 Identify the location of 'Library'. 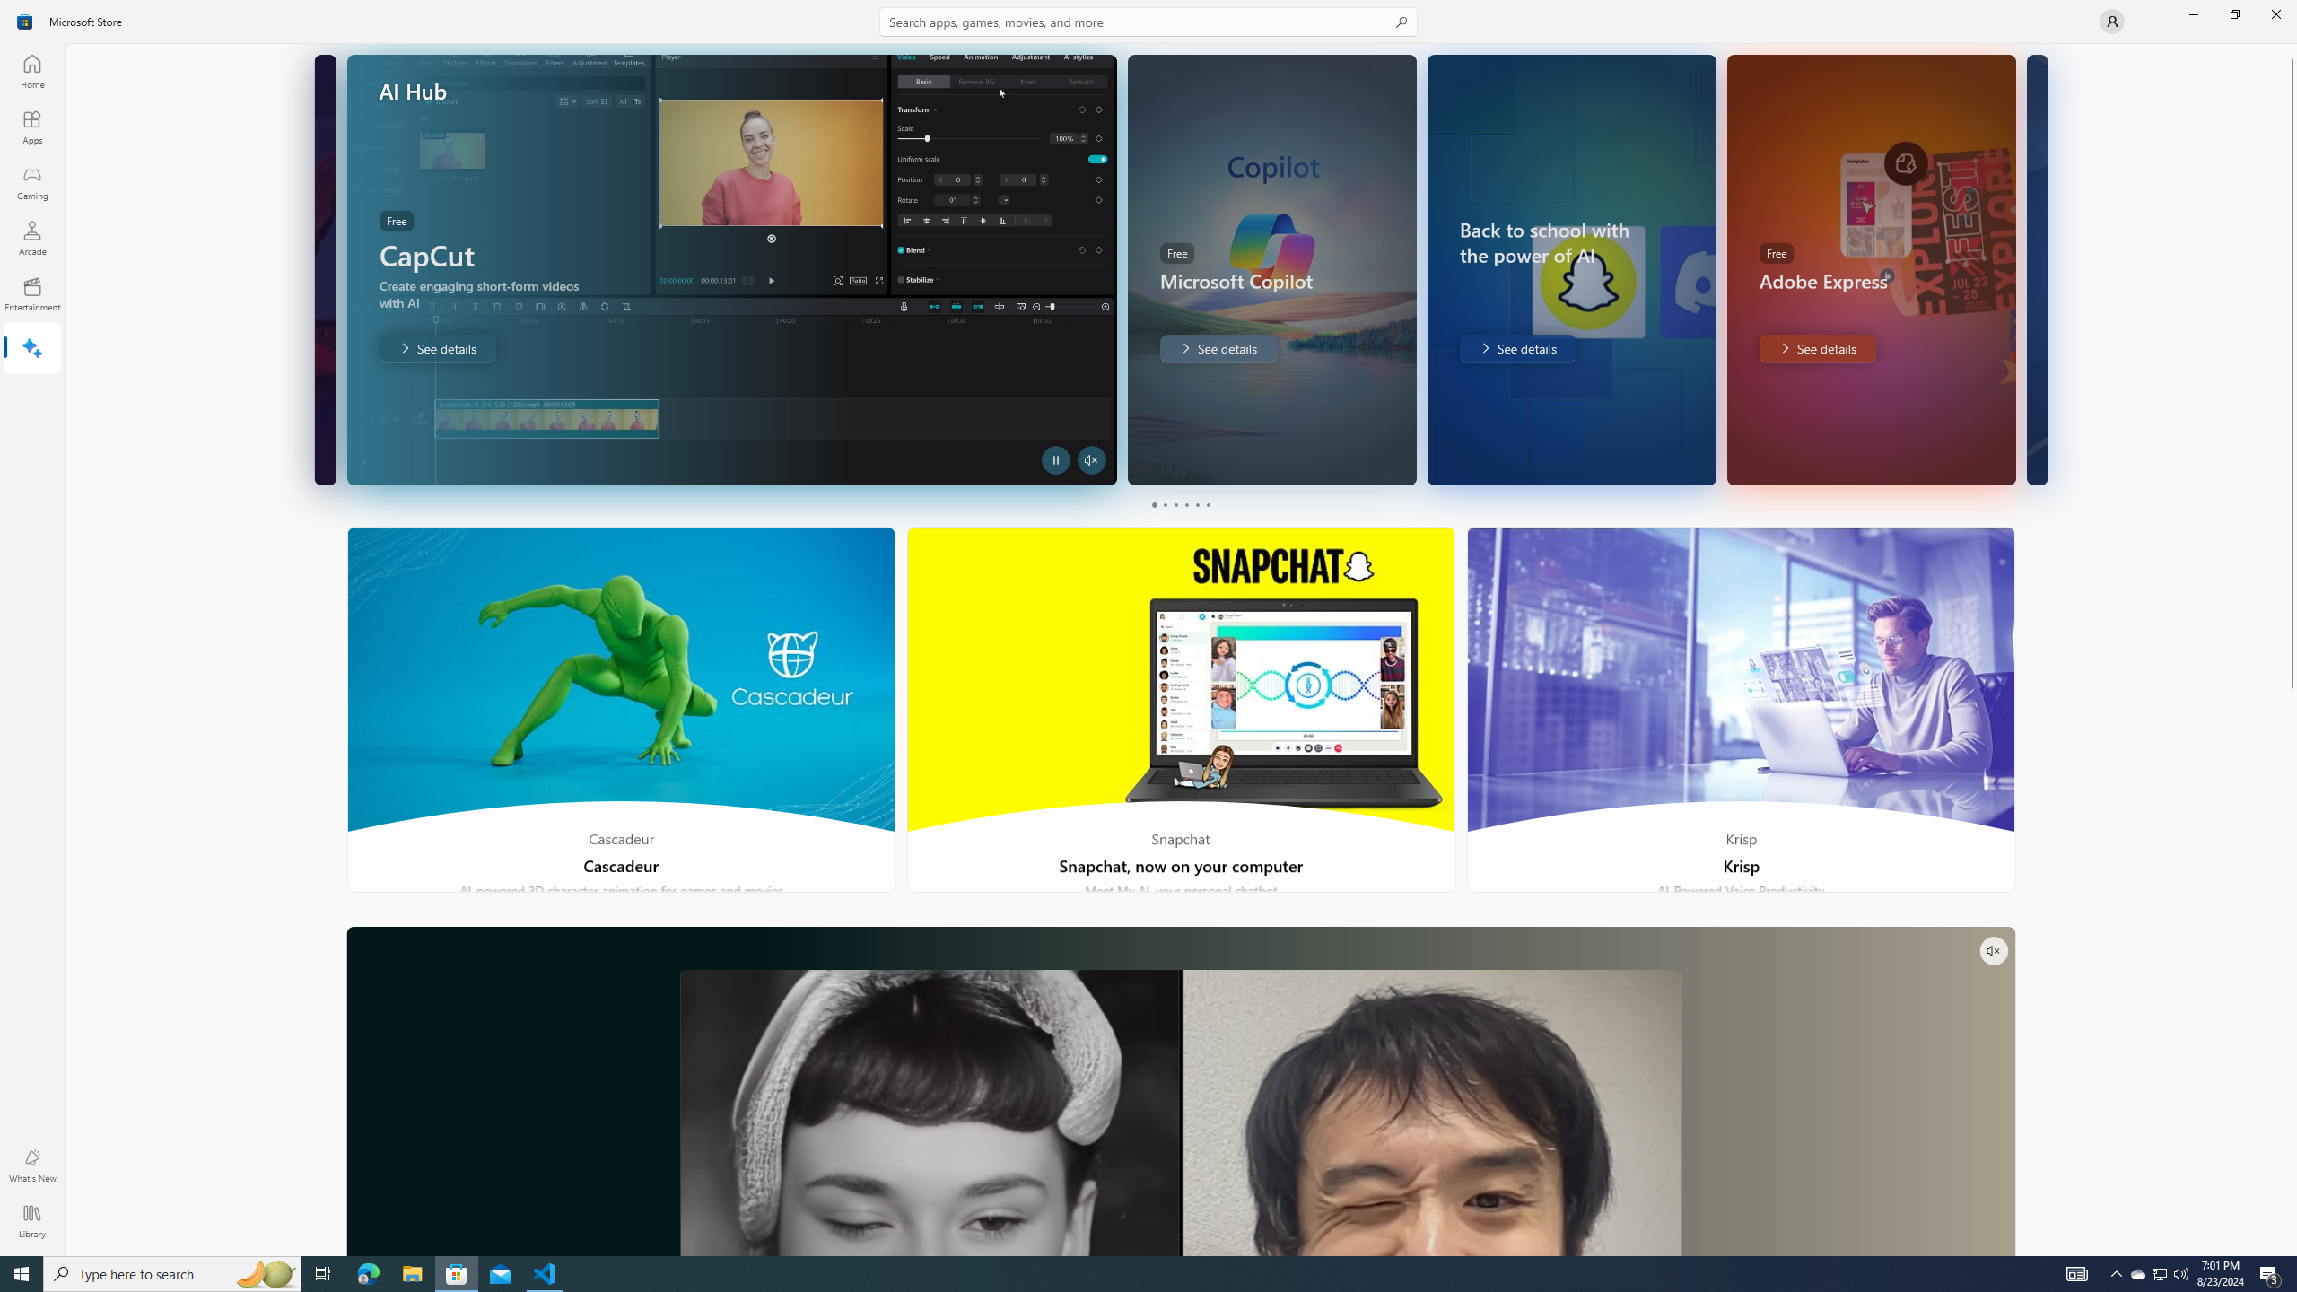
(31, 1220).